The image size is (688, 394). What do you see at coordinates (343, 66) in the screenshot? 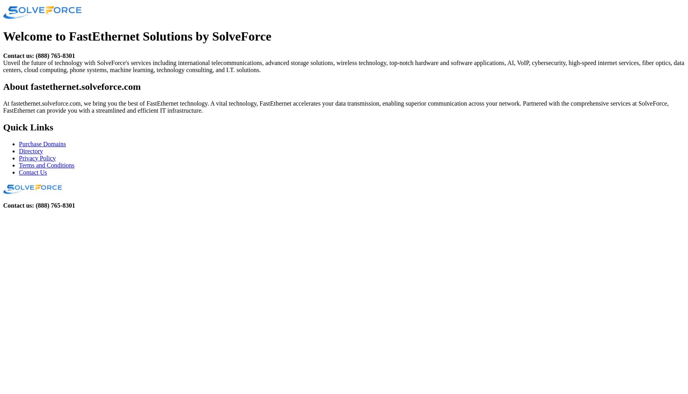
I see `'Unveil the future of technology with SolveForce's services including international telecommunications, advanced storage solutions, wireless technology, top-notch hardware and software applications, AI, VoIP, cybersecurity, high-speed internet services, fiber optics, data centers, cloud computing, phone systems, machine learning, technology consulting, and I.T. solutions.'` at bounding box center [343, 66].